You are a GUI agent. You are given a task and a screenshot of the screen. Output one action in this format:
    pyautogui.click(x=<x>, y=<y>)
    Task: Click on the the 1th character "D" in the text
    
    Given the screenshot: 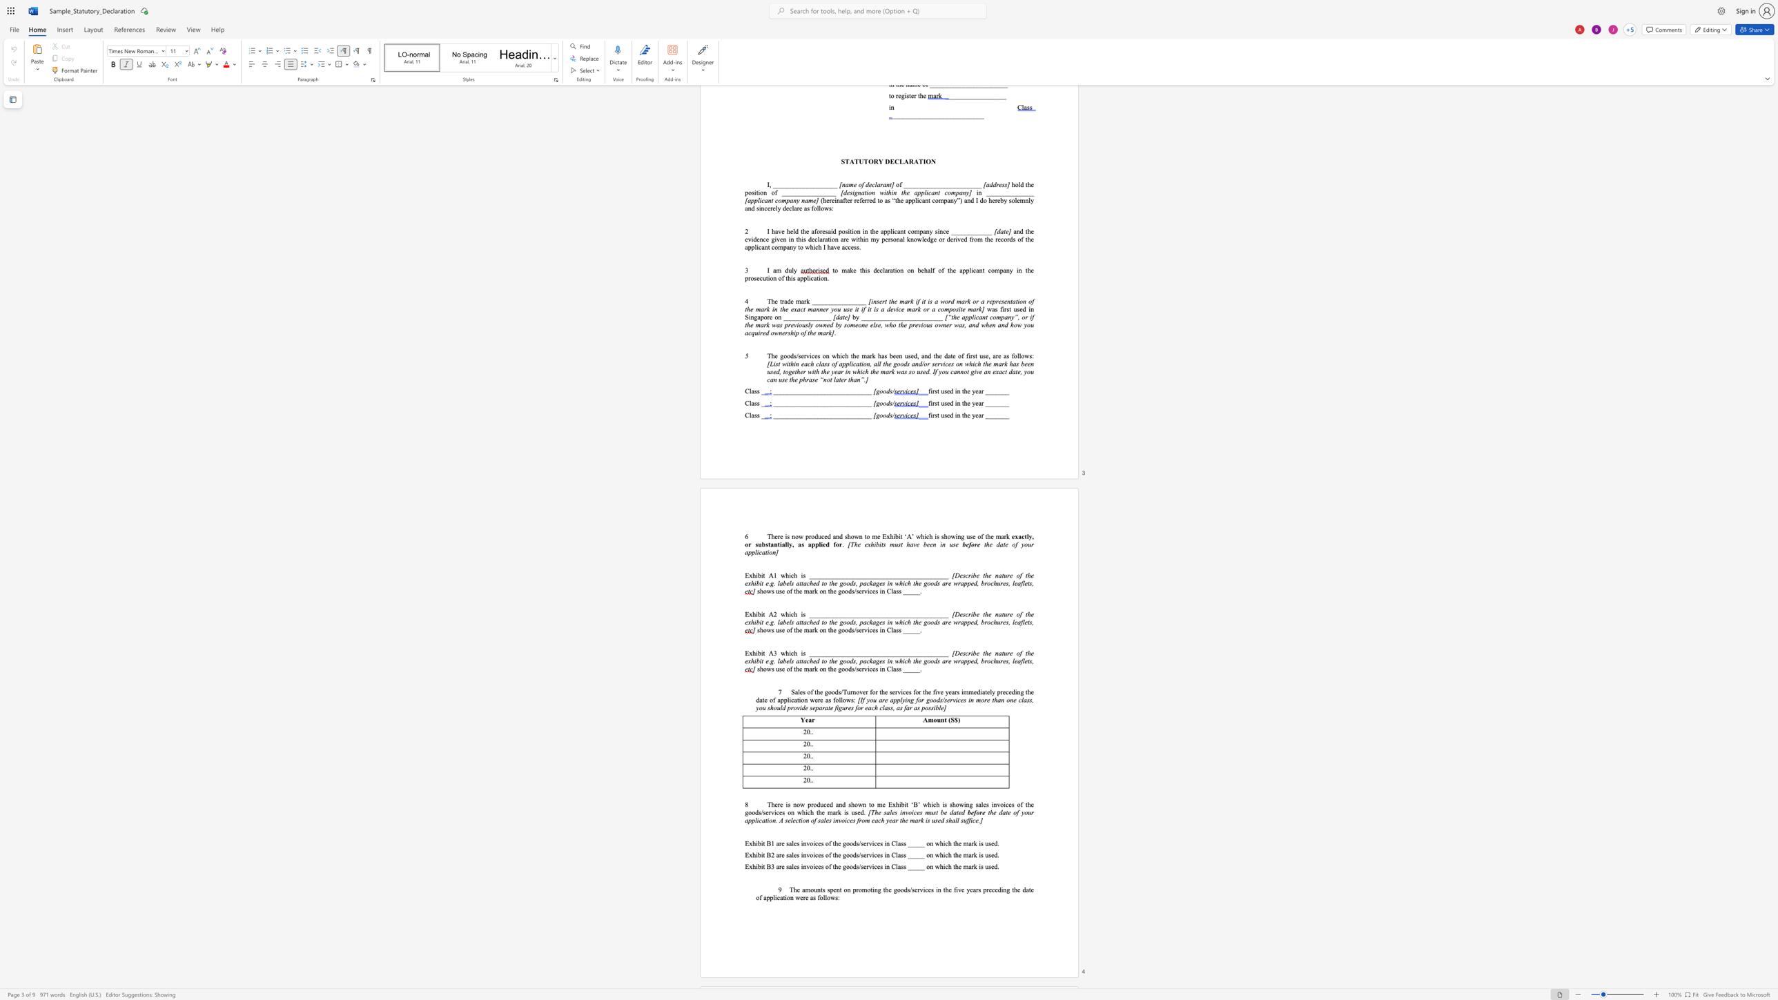 What is the action you would take?
    pyautogui.click(x=956, y=652)
    